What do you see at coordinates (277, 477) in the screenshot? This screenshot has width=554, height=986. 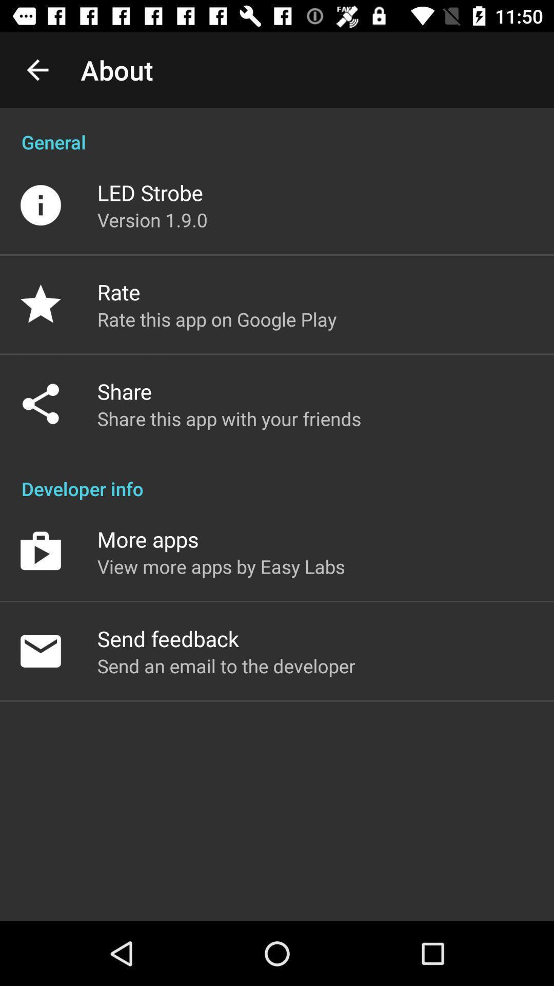 I see `app above the more apps item` at bounding box center [277, 477].